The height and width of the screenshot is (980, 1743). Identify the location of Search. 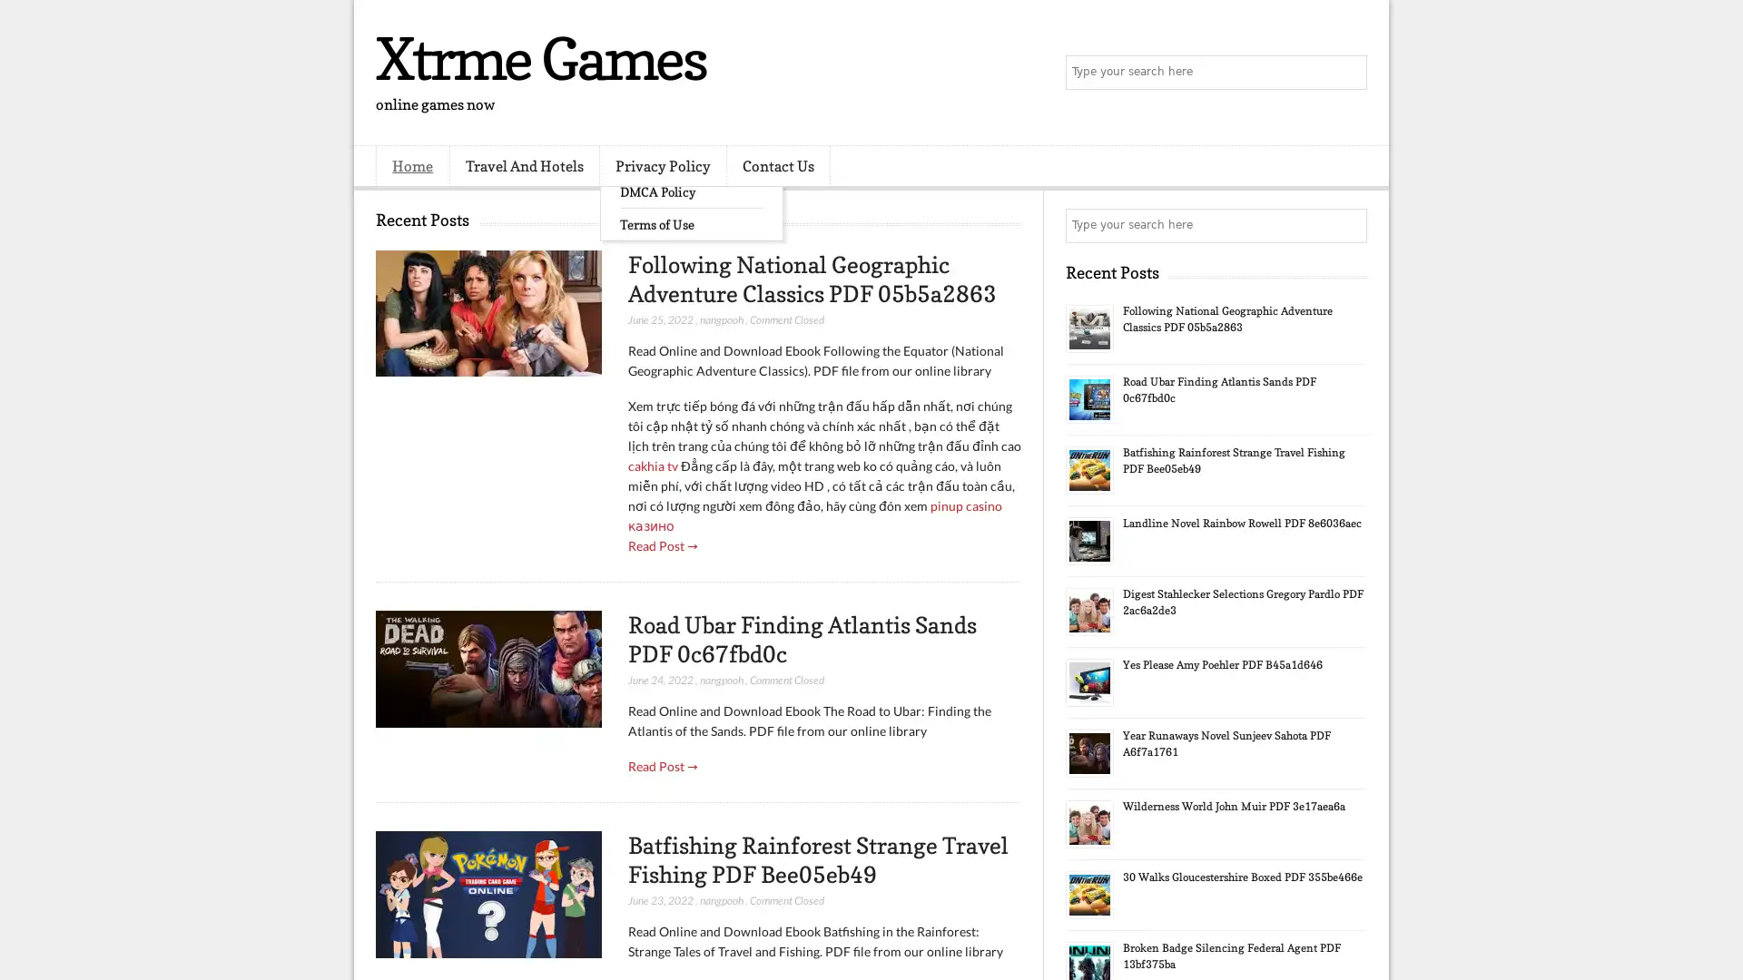
(1348, 73).